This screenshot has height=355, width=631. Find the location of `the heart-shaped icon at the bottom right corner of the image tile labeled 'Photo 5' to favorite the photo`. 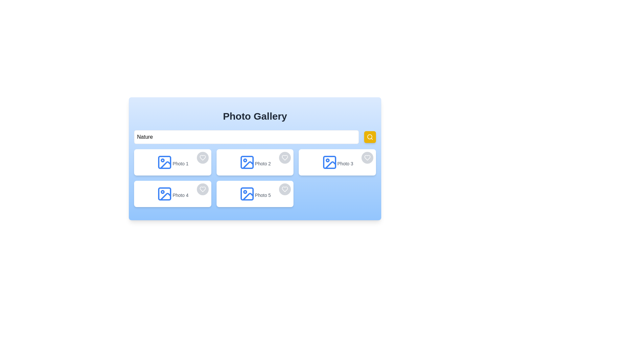

the heart-shaped icon at the bottom right corner of the image tile labeled 'Photo 5' to favorite the photo is located at coordinates (285, 189).